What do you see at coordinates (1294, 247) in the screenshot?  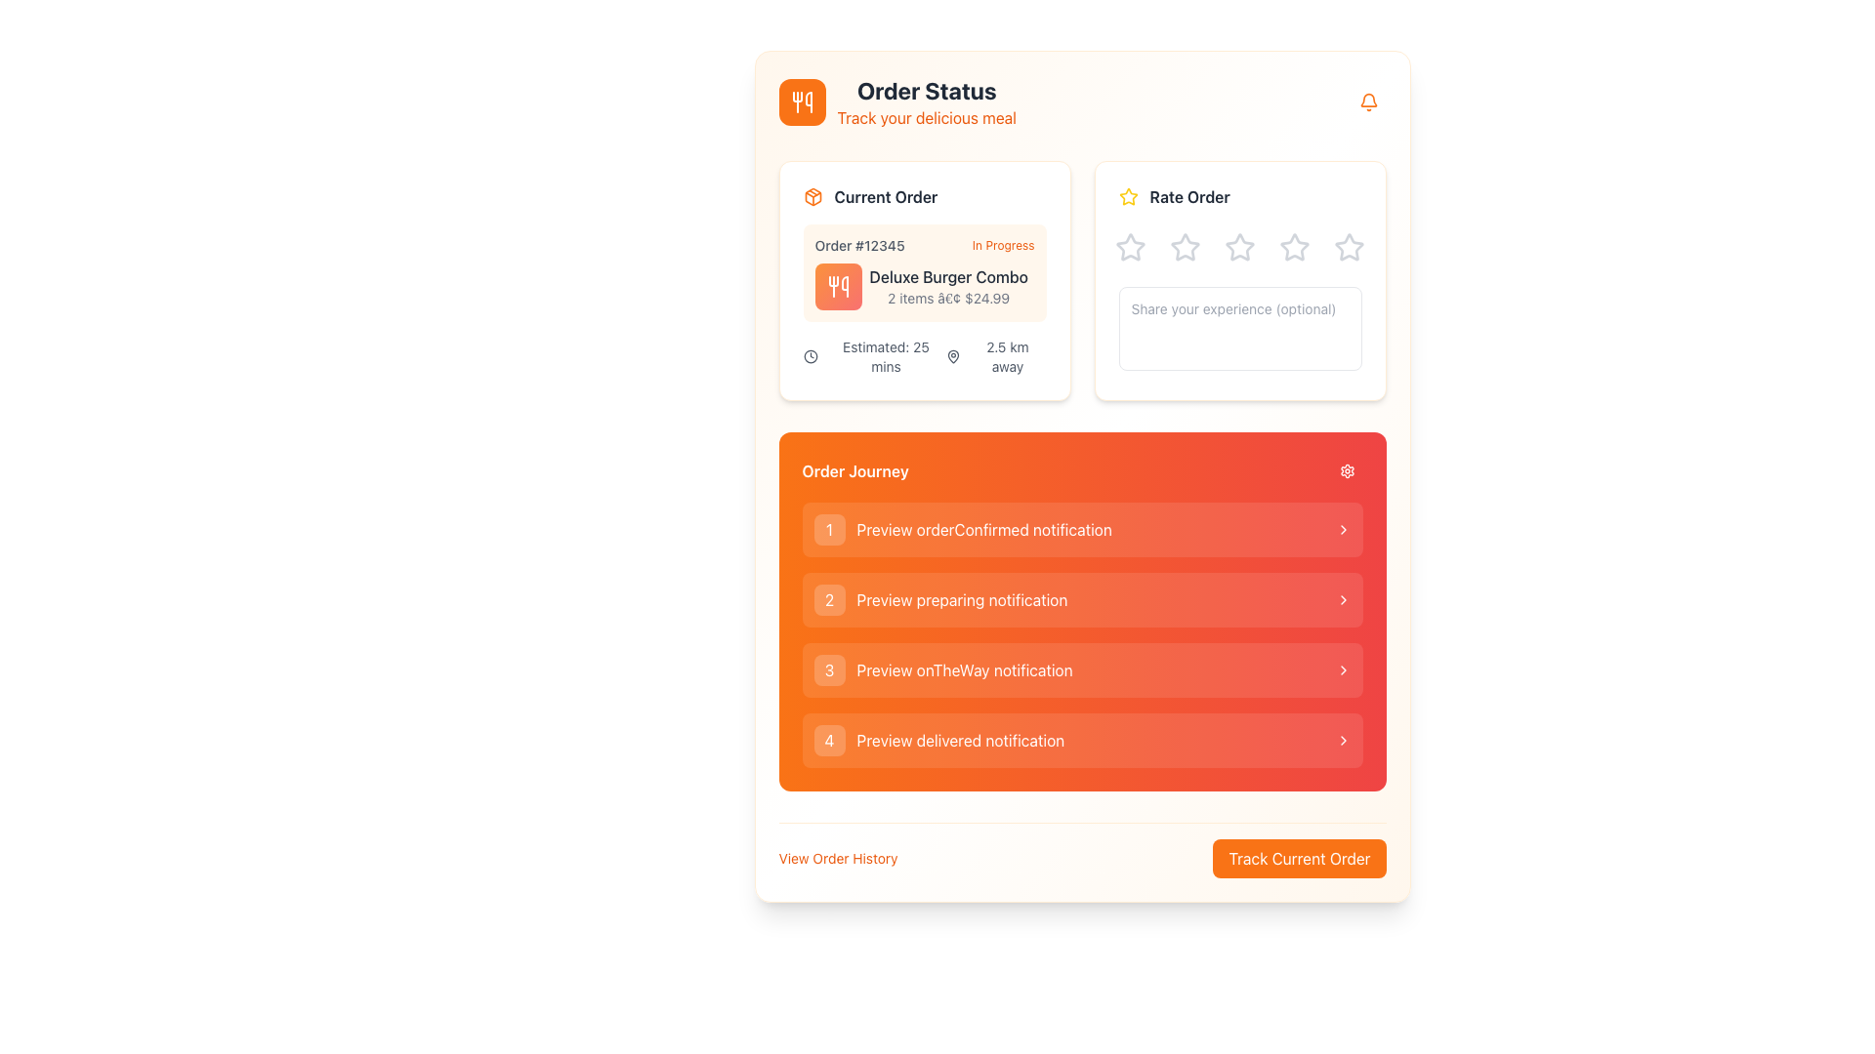 I see `the interactive fourth star icon` at bounding box center [1294, 247].